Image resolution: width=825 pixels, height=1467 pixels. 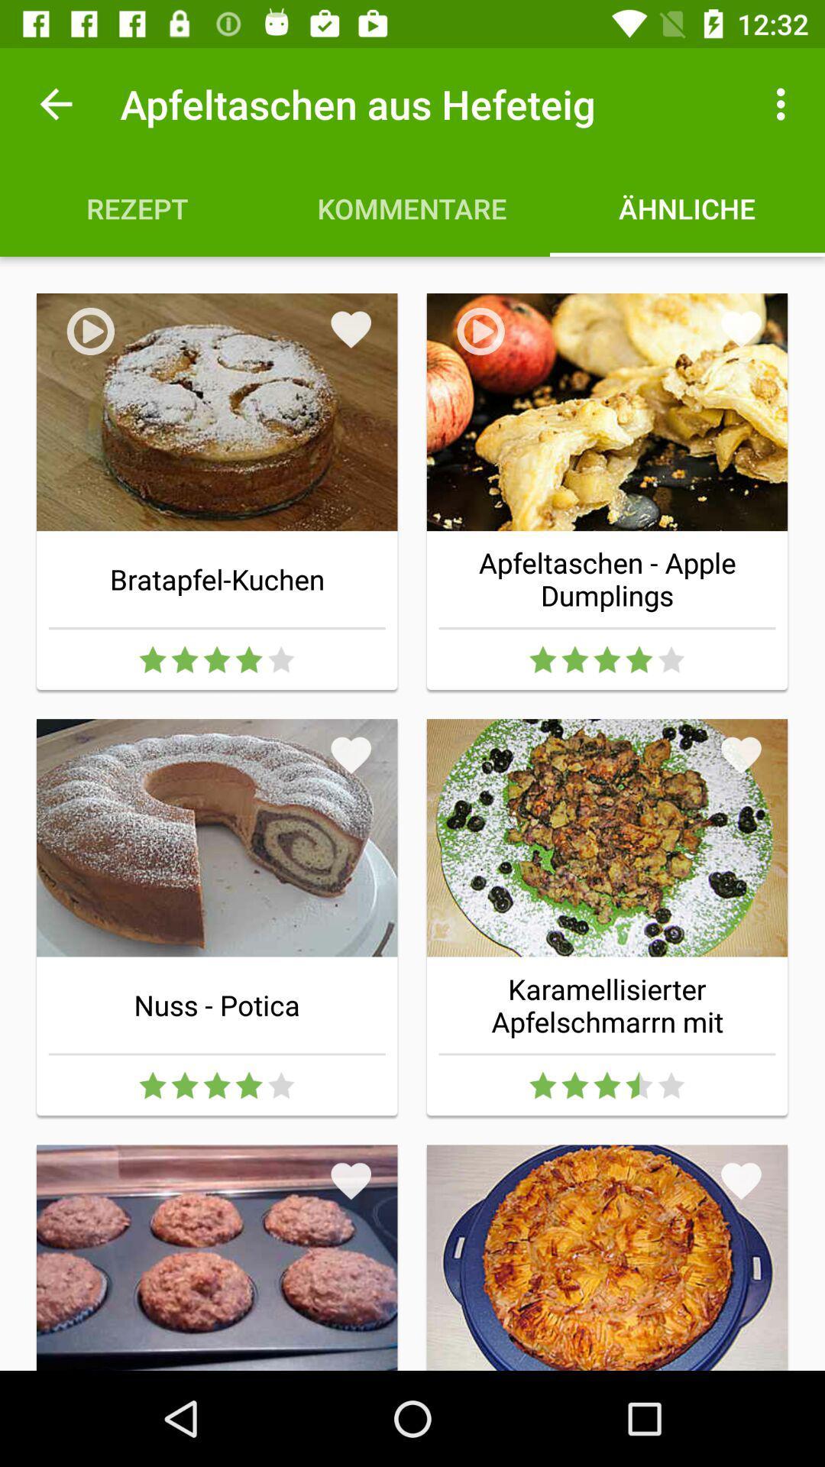 What do you see at coordinates (55, 103) in the screenshot?
I see `the icon above rezept item` at bounding box center [55, 103].